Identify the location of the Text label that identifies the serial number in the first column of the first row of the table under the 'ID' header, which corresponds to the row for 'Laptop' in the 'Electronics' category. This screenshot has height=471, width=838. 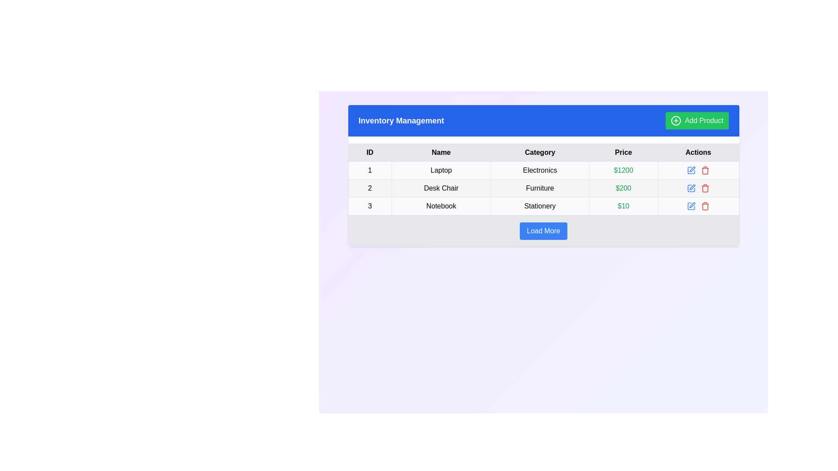
(370, 170).